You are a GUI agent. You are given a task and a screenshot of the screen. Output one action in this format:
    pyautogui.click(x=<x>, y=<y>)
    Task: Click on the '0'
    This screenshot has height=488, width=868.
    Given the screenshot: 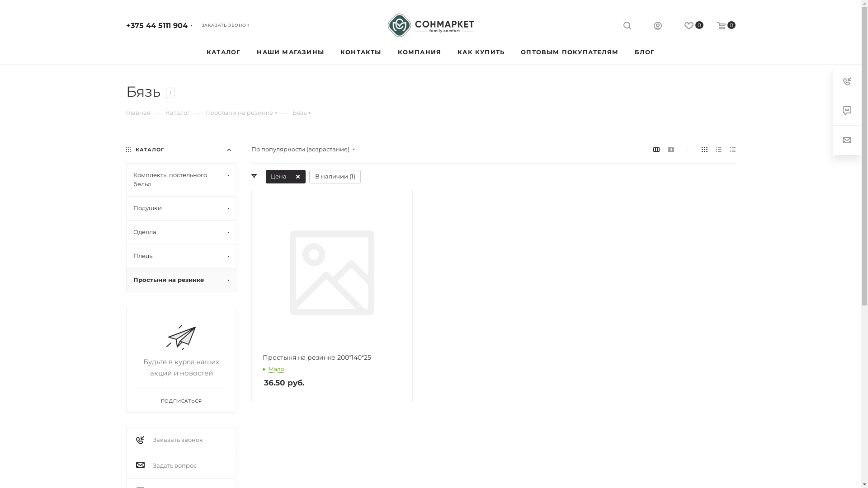 What is the action you would take?
    pyautogui.click(x=687, y=26)
    